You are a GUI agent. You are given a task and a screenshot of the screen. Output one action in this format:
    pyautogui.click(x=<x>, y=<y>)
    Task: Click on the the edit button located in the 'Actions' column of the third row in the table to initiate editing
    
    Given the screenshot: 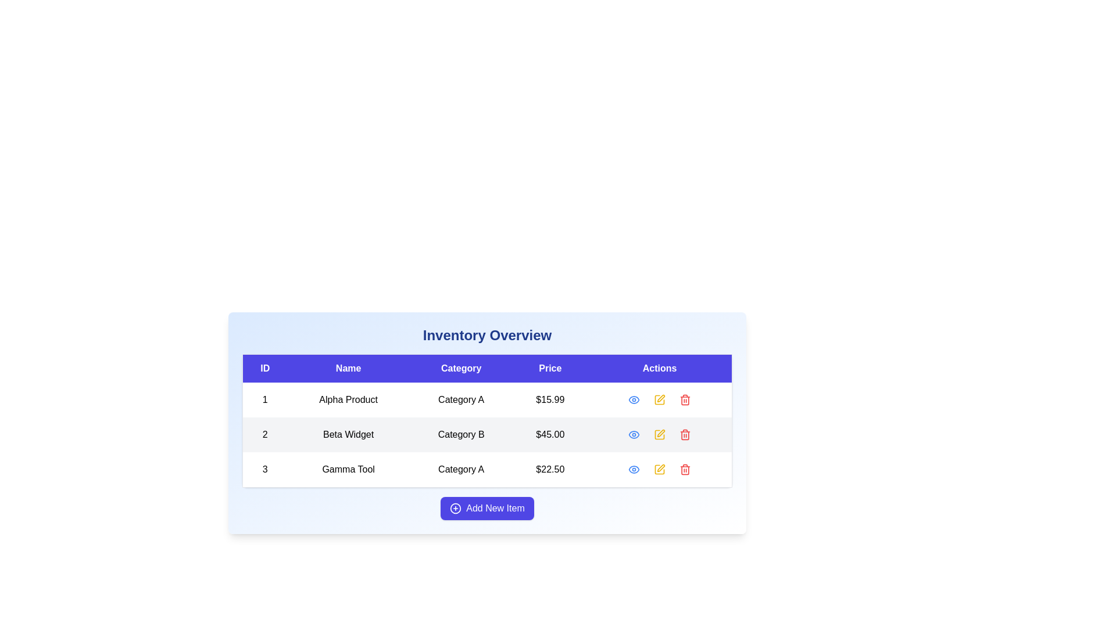 What is the action you would take?
    pyautogui.click(x=660, y=469)
    